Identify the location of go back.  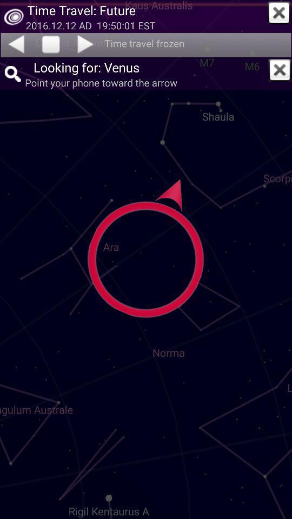
(15, 44).